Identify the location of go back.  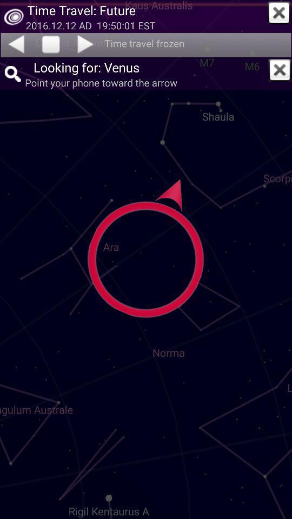
(15, 44).